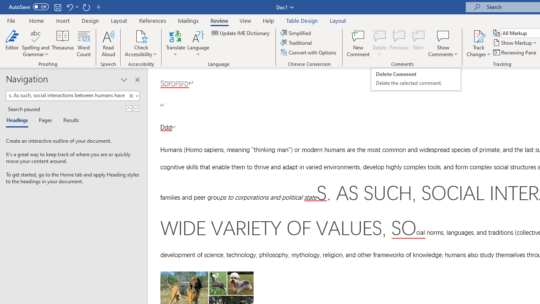 The image size is (540, 304). Describe the element at coordinates (241, 33) in the screenshot. I see `'Update IME Dictionary...'` at that location.